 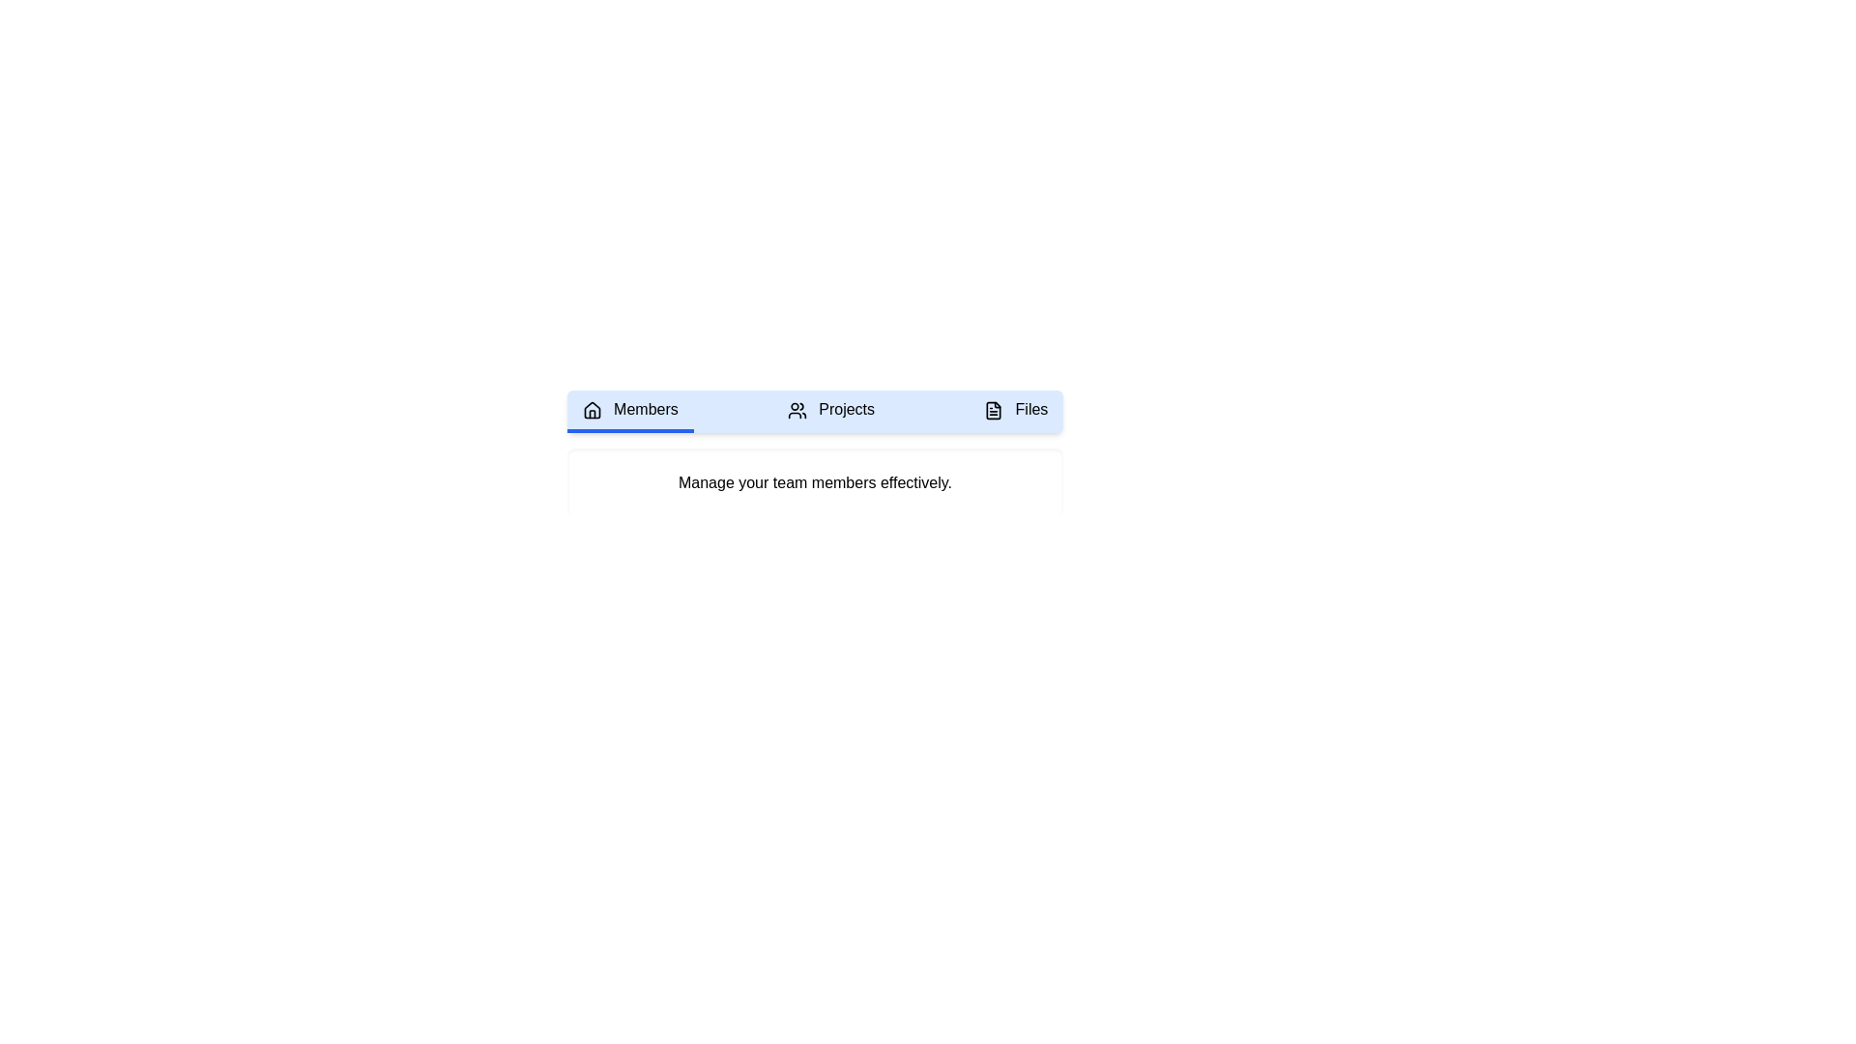 I want to click on the miniature rectangular shape within the file icon located in the top navigation bar on the far-right side, so click(x=994, y=409).